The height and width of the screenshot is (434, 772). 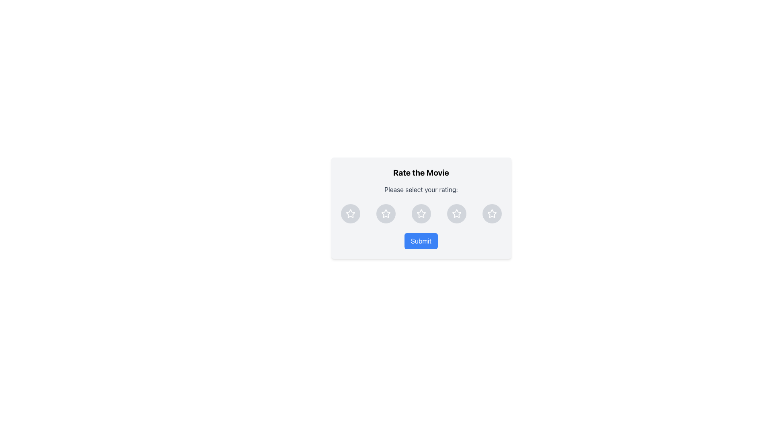 What do you see at coordinates (456, 213) in the screenshot?
I see `the fifth star-shaped vector graphic in the rating system` at bounding box center [456, 213].